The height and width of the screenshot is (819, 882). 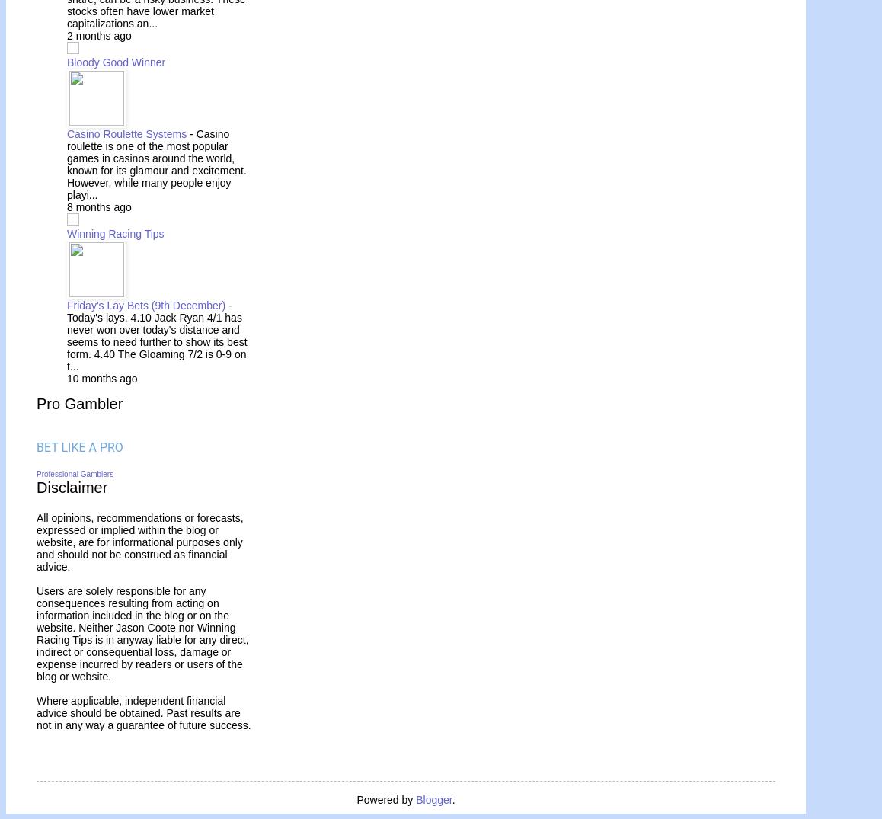 I want to click on 'B', so click(x=36, y=446).